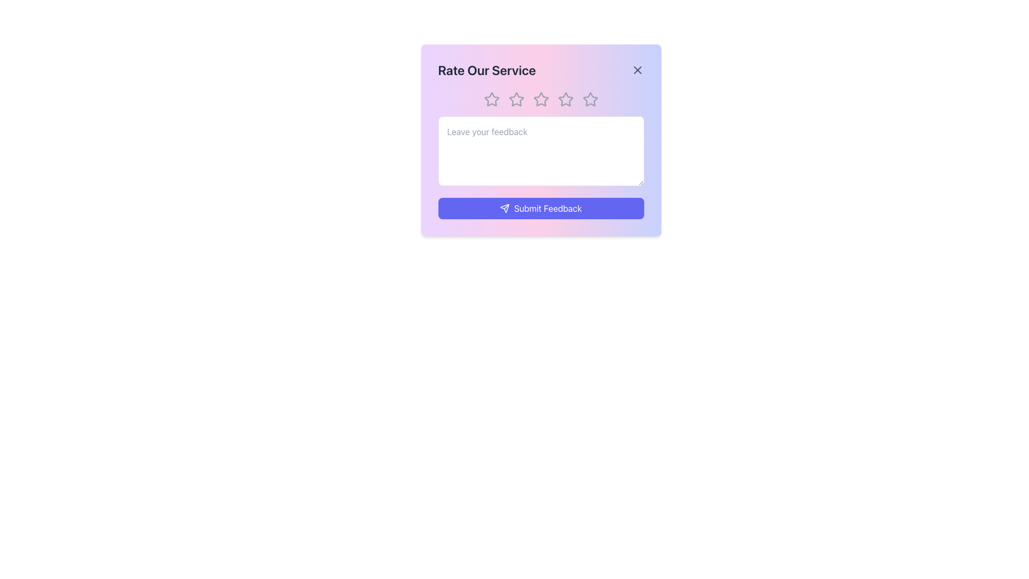 The width and height of the screenshot is (1029, 579). I want to click on to resize the Text Input Area located beneath the star rating icons and above the 'Submit Feedback' button, so click(541, 151).